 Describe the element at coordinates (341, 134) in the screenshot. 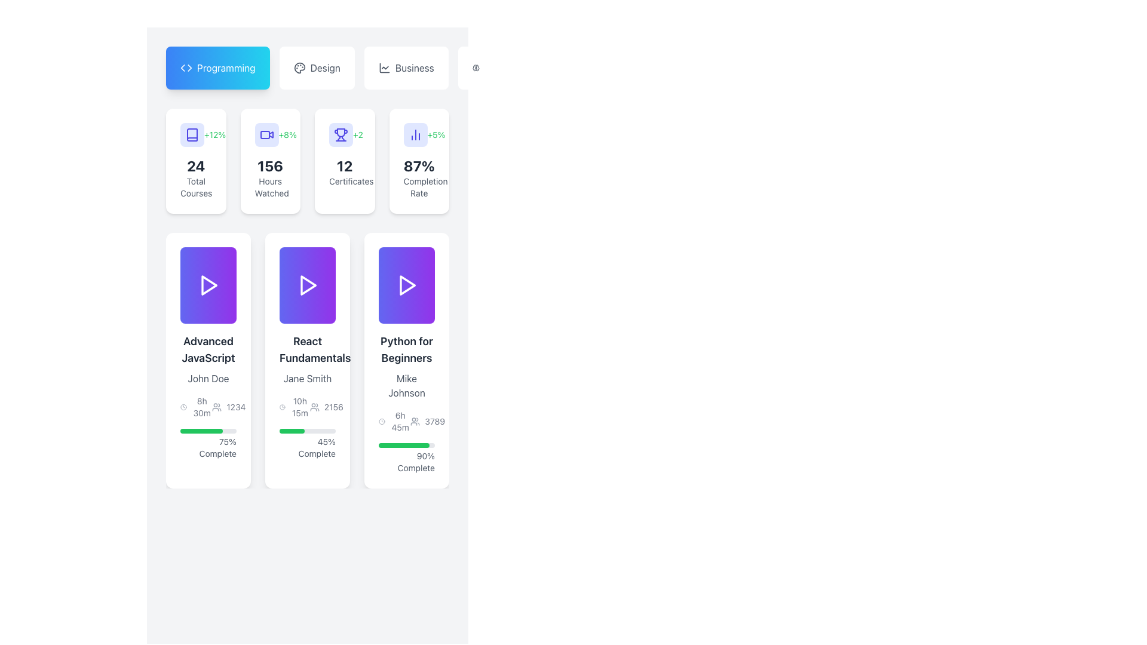

I see `the achievement icon located in the third card from the left in the top row of the grid, which represents awards or accomplishments` at that location.